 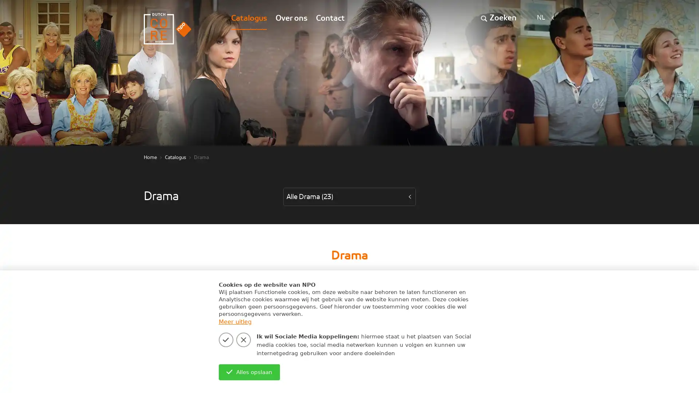 I want to click on Alles opslaan, so click(x=249, y=372).